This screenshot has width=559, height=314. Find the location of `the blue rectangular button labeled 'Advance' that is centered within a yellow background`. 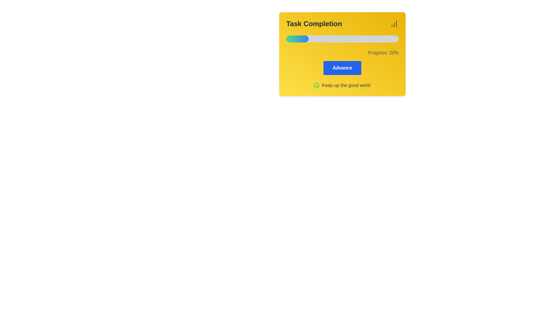

the blue rectangular button labeled 'Advance' that is centered within a yellow background is located at coordinates (342, 68).